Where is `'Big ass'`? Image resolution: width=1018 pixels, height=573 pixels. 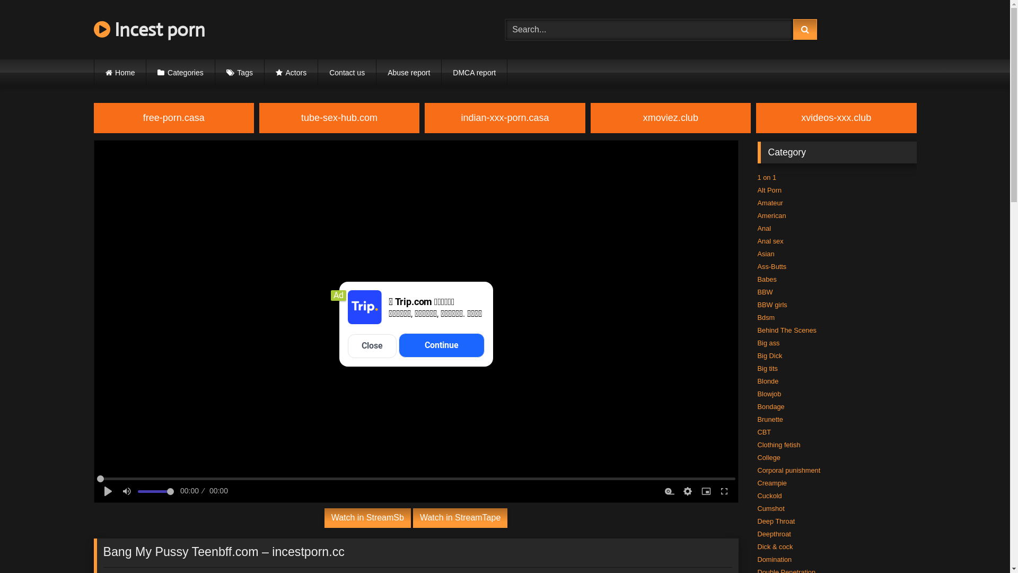
'Big ass' is located at coordinates (757, 343).